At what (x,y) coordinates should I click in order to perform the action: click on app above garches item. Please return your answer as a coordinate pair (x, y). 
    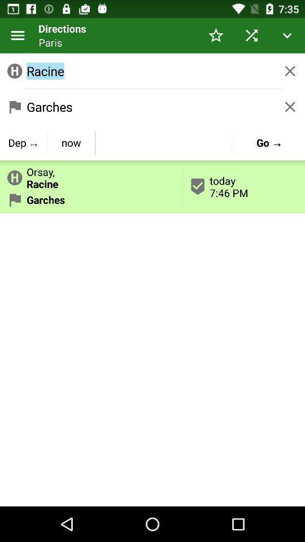
    Looking at the image, I should click on (90, 176).